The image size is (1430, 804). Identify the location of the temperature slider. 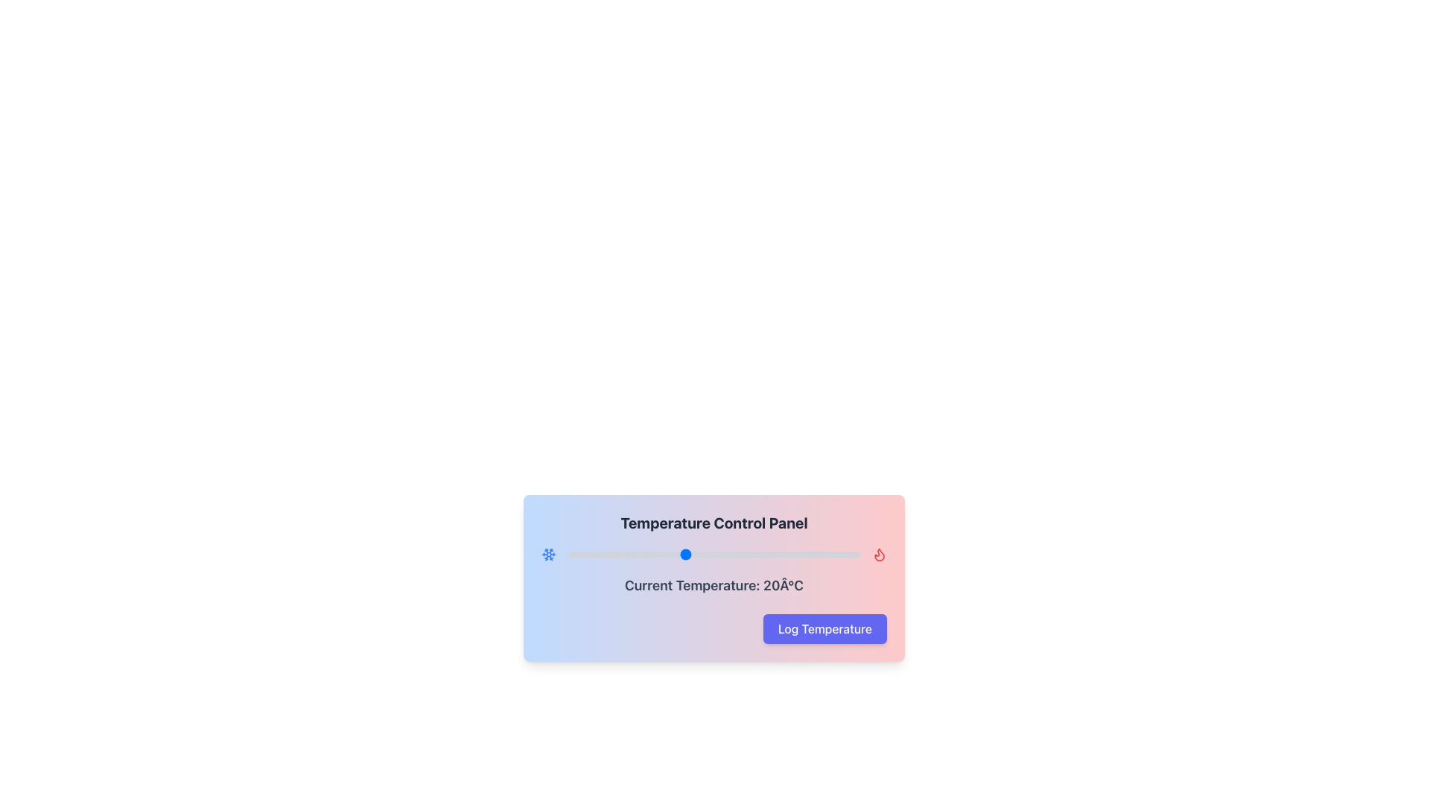
(794, 554).